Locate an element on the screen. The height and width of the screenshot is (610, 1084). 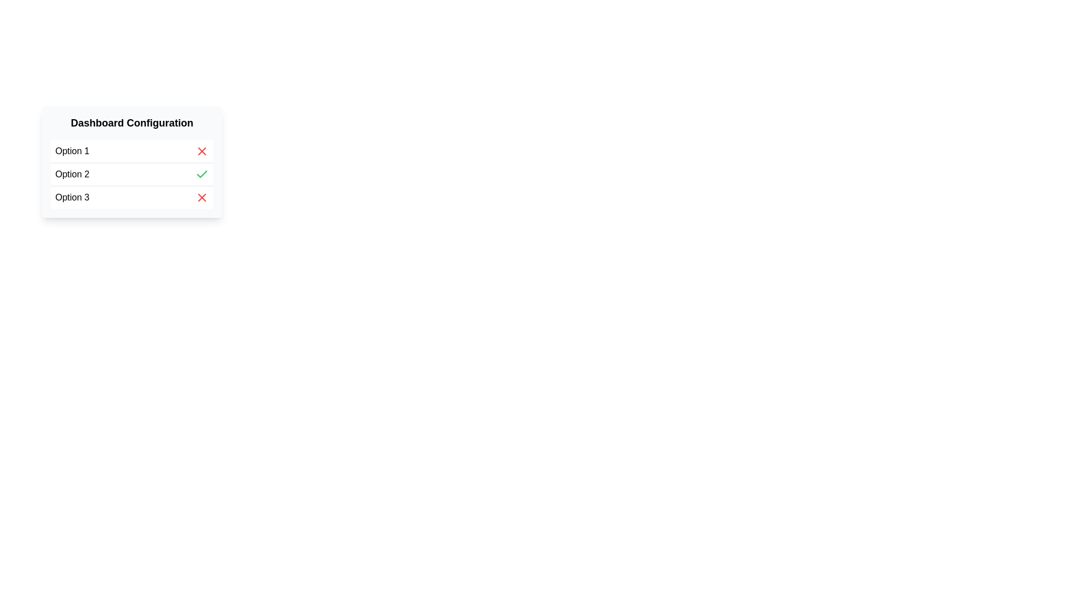
the deletion icon located on the far right of the 'Option 3' row is located at coordinates (202, 197).